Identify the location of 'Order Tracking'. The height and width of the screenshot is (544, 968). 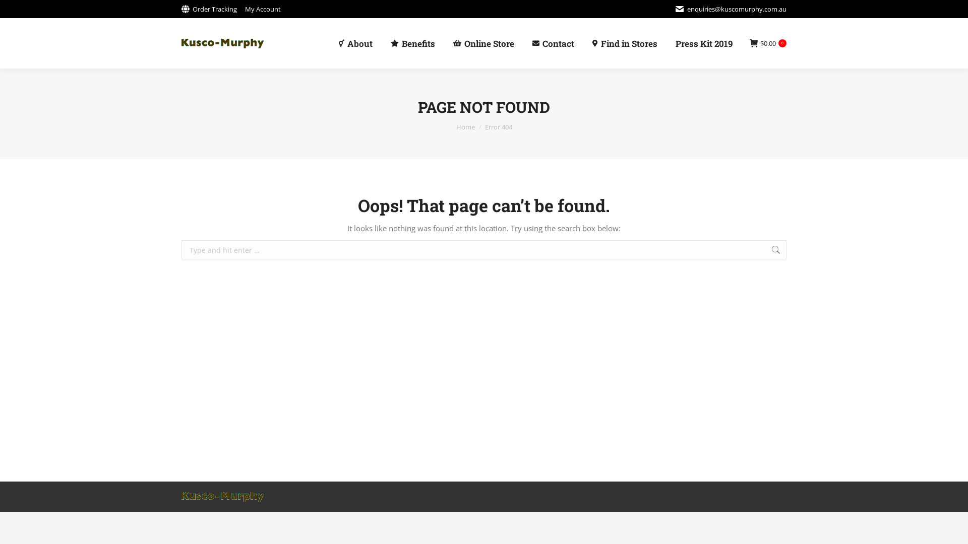
(208, 9).